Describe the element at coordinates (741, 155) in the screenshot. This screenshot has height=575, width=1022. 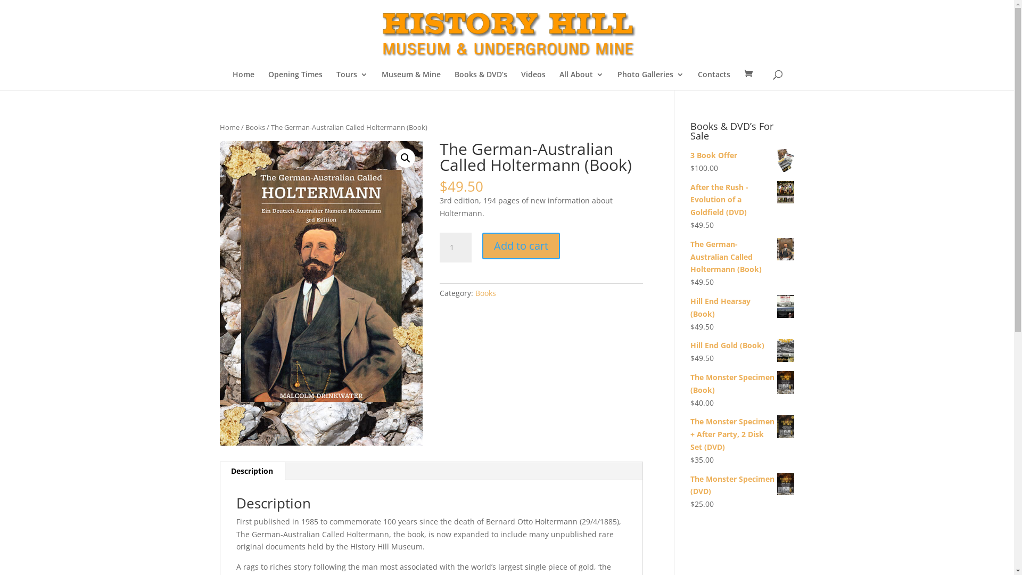
I see `'3 Book Offer'` at that location.